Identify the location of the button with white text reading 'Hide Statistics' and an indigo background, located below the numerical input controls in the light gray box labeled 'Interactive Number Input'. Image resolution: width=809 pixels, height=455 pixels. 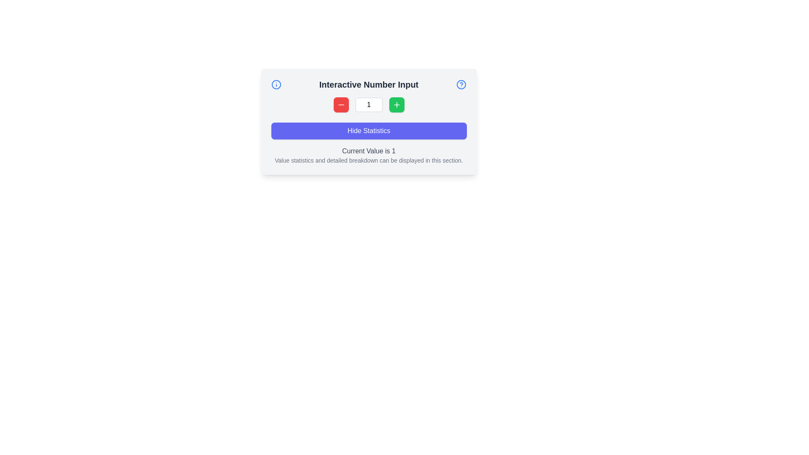
(369, 131).